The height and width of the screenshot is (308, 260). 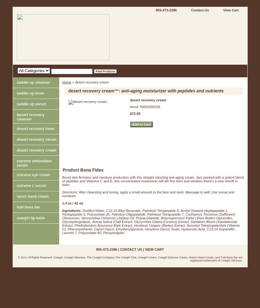 I want to click on 'extreme c serum', so click(x=31, y=185).